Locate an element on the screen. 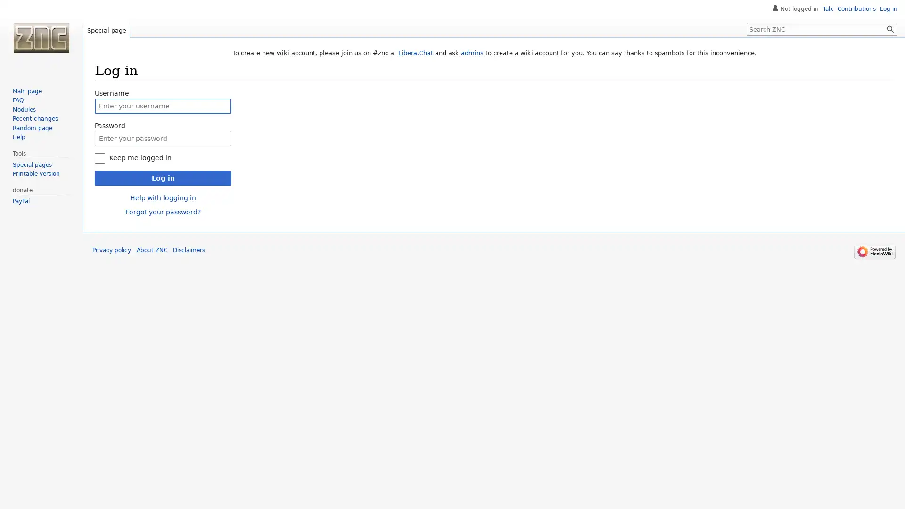  Search is located at coordinates (890, 28).